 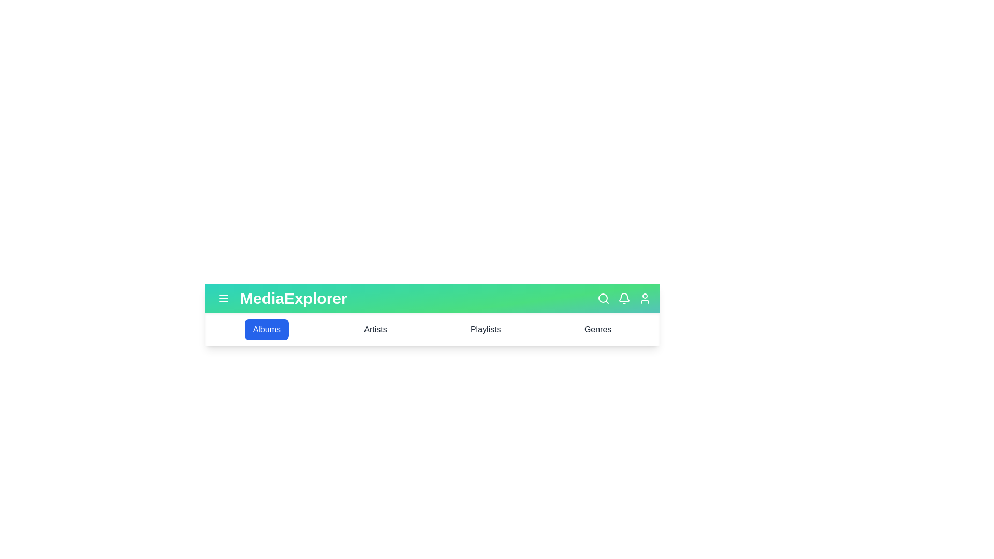 I want to click on the Genres tab in the MultimediaAppBar, so click(x=598, y=329).